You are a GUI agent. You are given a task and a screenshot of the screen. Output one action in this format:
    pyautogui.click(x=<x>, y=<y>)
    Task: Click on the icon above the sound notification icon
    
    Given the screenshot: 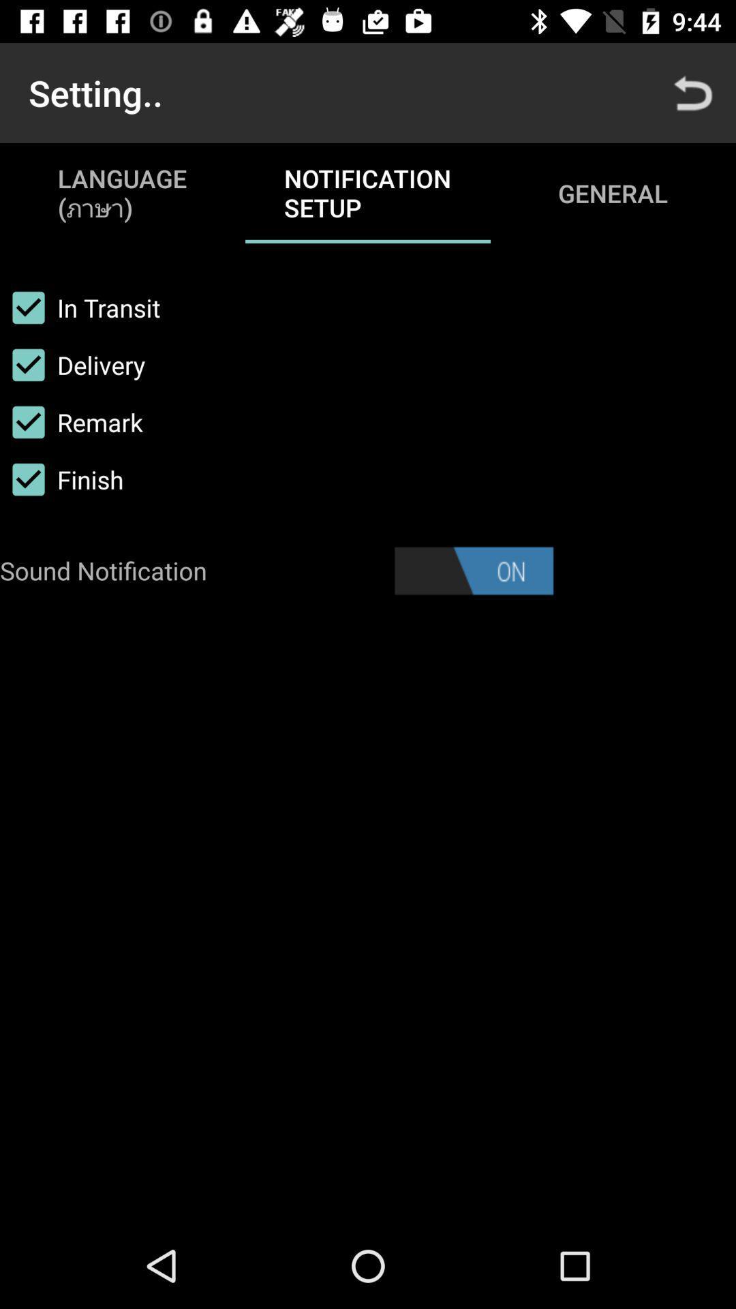 What is the action you would take?
    pyautogui.click(x=61, y=479)
    